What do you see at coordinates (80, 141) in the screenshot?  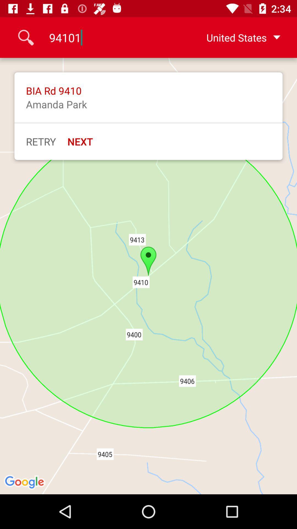 I see `item next to retry icon` at bounding box center [80, 141].